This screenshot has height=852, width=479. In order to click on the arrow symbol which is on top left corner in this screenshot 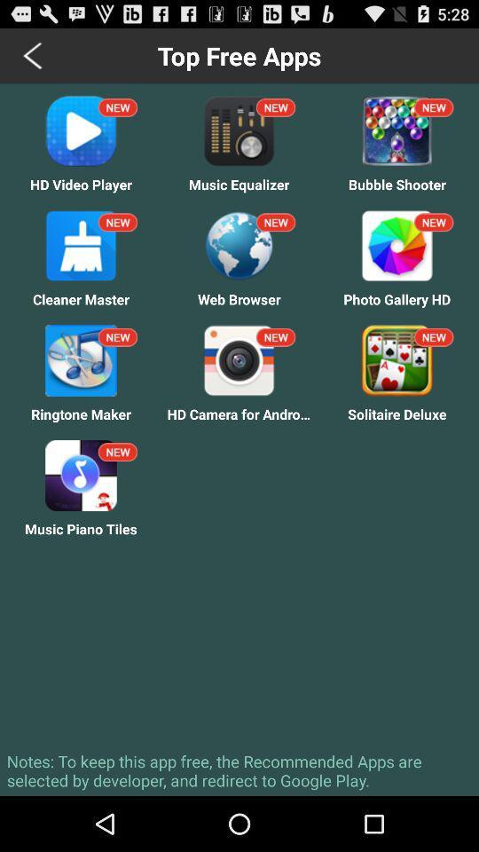, I will do `click(34, 55)`.